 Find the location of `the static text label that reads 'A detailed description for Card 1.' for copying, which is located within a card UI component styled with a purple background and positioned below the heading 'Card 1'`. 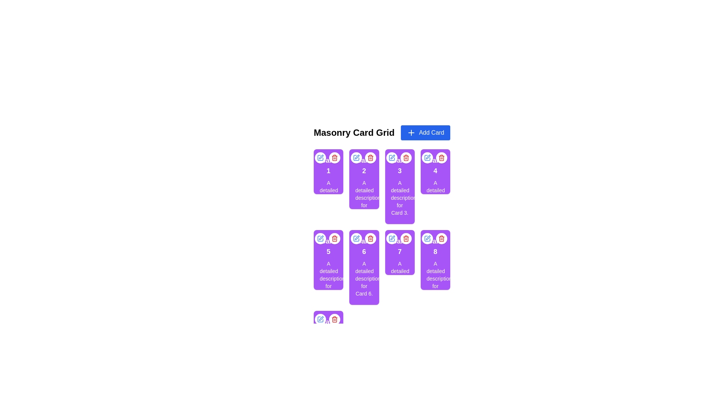

the static text label that reads 'A detailed description for Card 1.' for copying, which is located within a card UI component styled with a purple background and positioned below the heading 'Card 1' is located at coordinates (328, 197).